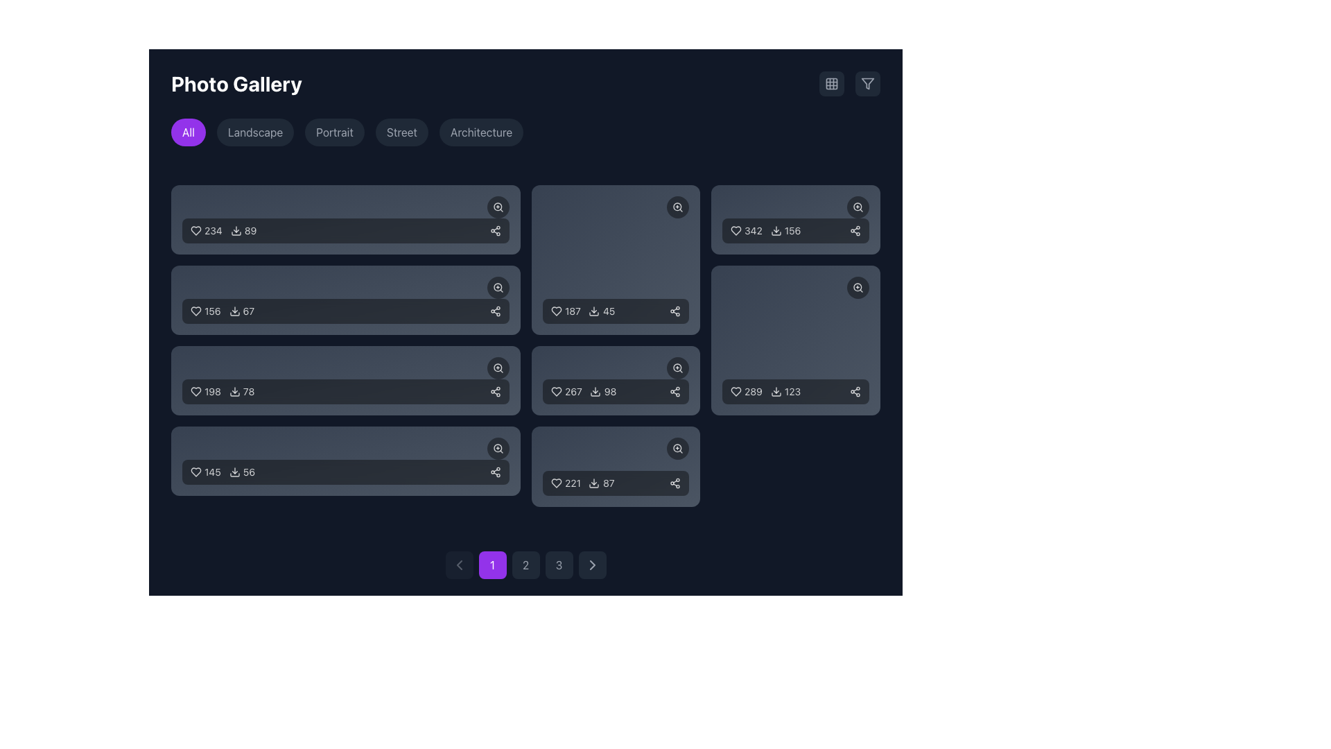 The image size is (1331, 749). Describe the element at coordinates (556, 391) in the screenshot. I see `the heart icon in the middle-right section of the grid layout to indicate liking the associated content` at that location.